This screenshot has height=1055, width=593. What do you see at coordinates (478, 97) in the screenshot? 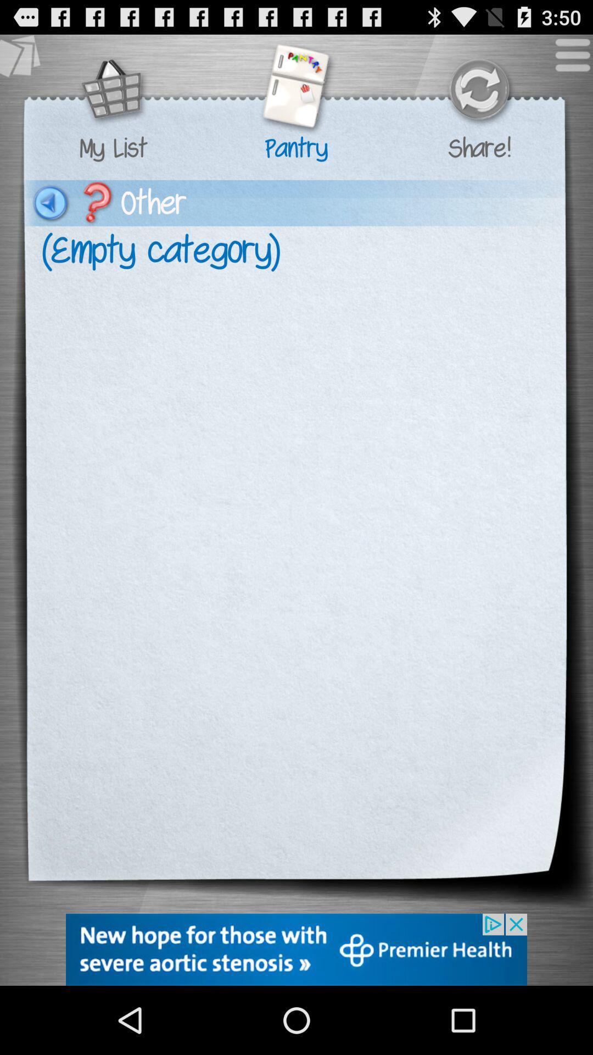
I see `the refresh icon` at bounding box center [478, 97].